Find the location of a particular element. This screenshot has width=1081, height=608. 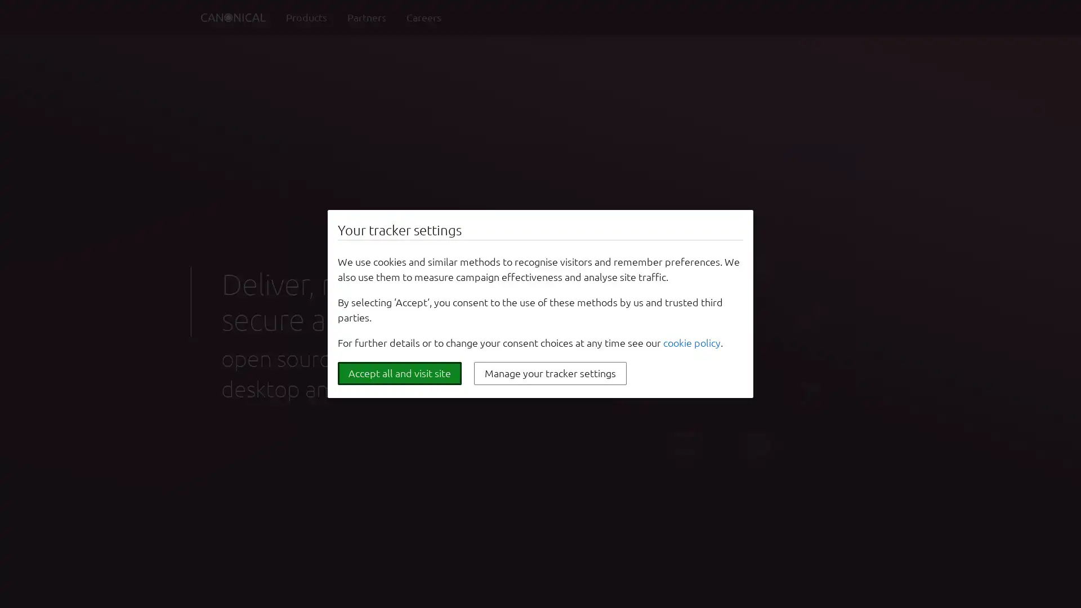

Accept all and visit site is located at coordinates (400, 373).